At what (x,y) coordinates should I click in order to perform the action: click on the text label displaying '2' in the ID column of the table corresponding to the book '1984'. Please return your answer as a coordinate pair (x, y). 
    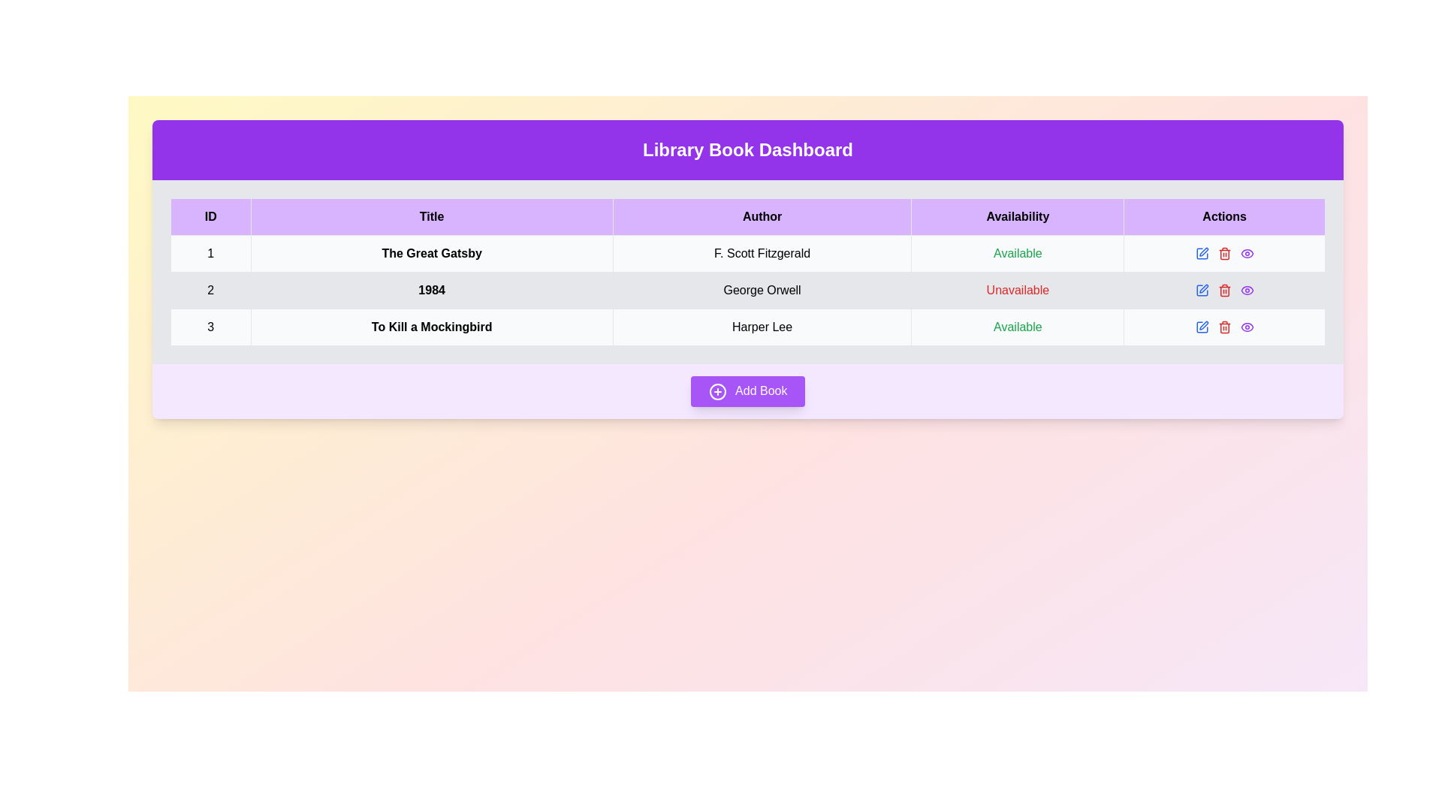
    Looking at the image, I should click on (210, 290).